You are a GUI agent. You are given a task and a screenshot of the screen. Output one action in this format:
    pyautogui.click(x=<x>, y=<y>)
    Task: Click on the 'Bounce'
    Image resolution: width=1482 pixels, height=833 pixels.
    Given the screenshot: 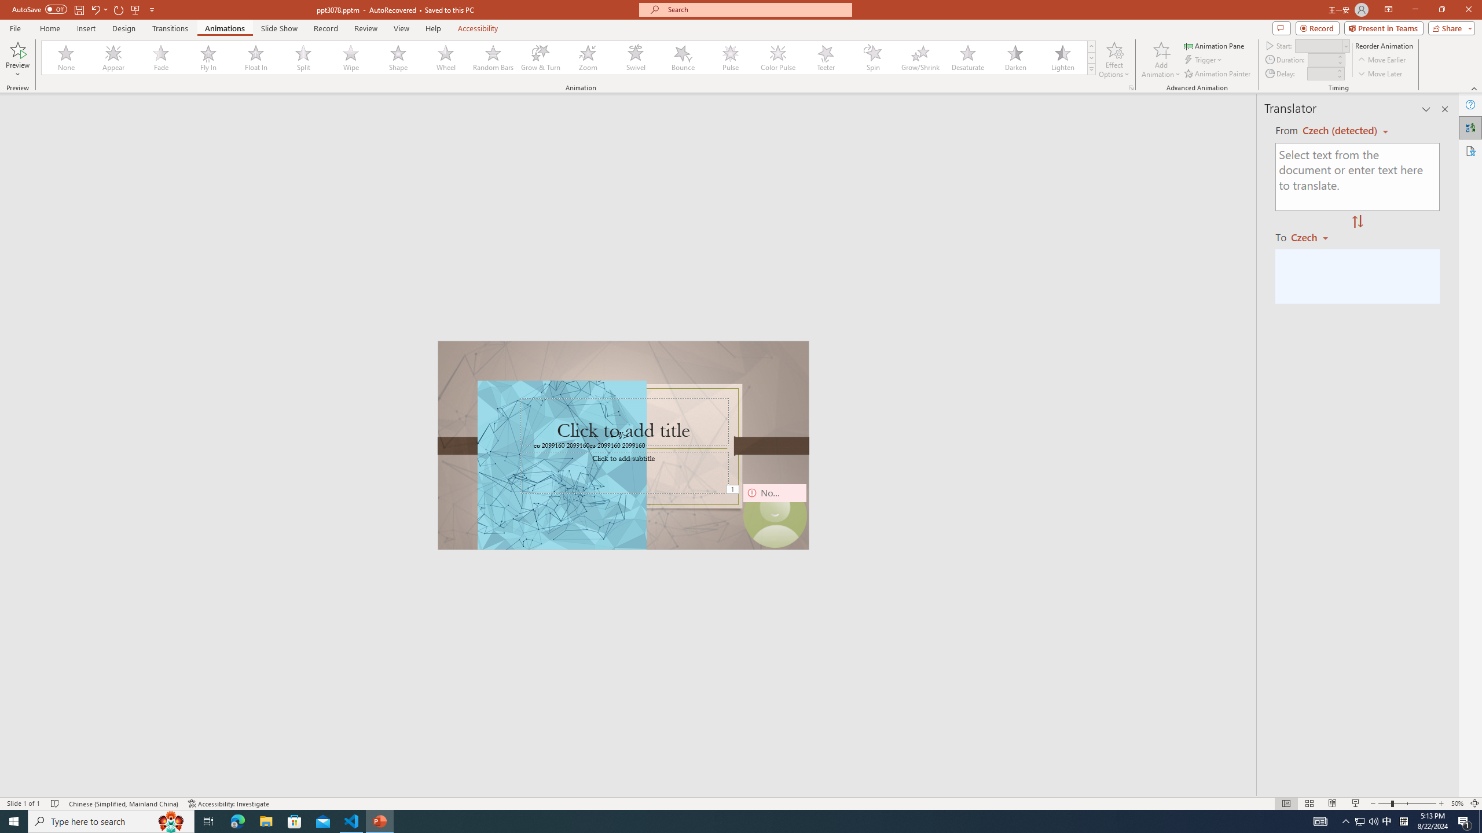 What is the action you would take?
    pyautogui.click(x=683, y=57)
    